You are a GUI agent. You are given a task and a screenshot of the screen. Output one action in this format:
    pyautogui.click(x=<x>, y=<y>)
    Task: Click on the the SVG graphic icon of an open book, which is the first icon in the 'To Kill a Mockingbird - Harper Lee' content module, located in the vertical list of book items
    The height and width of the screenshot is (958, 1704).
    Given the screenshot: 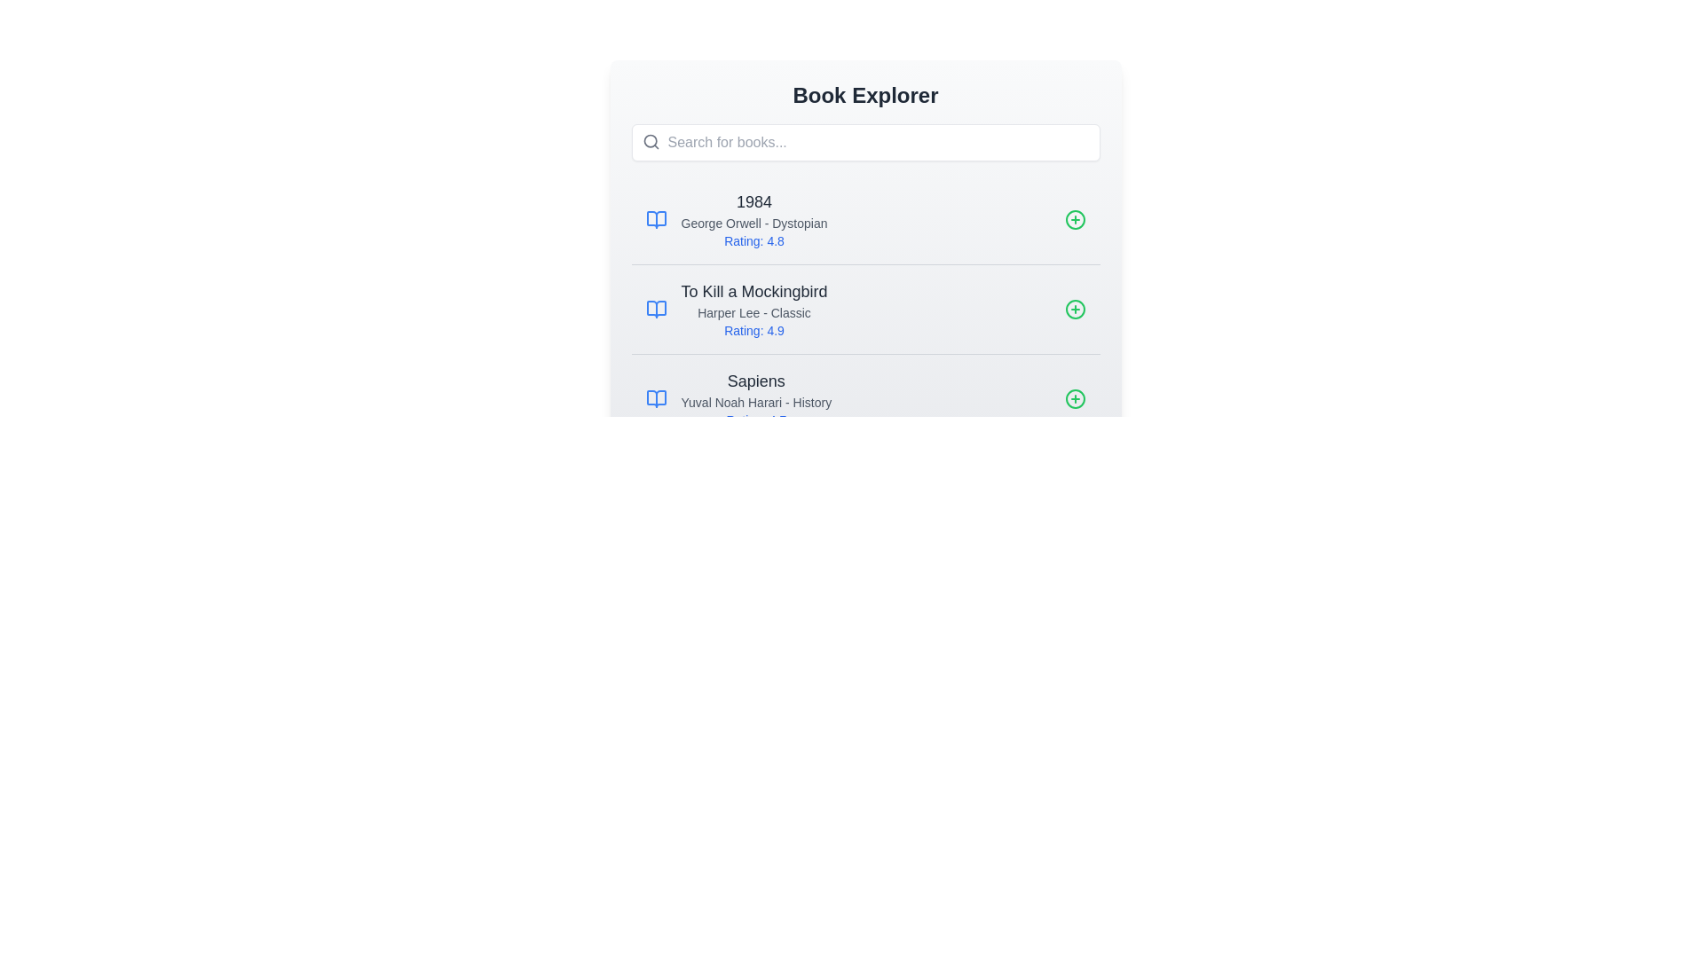 What is the action you would take?
    pyautogui.click(x=655, y=308)
    